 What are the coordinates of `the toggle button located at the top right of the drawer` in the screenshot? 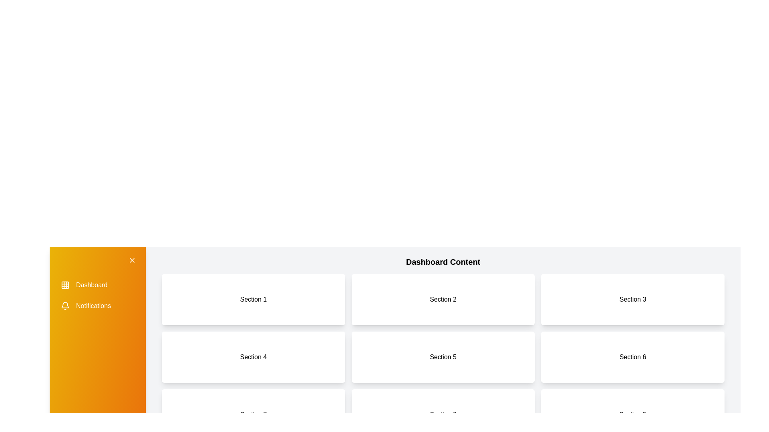 It's located at (132, 260).